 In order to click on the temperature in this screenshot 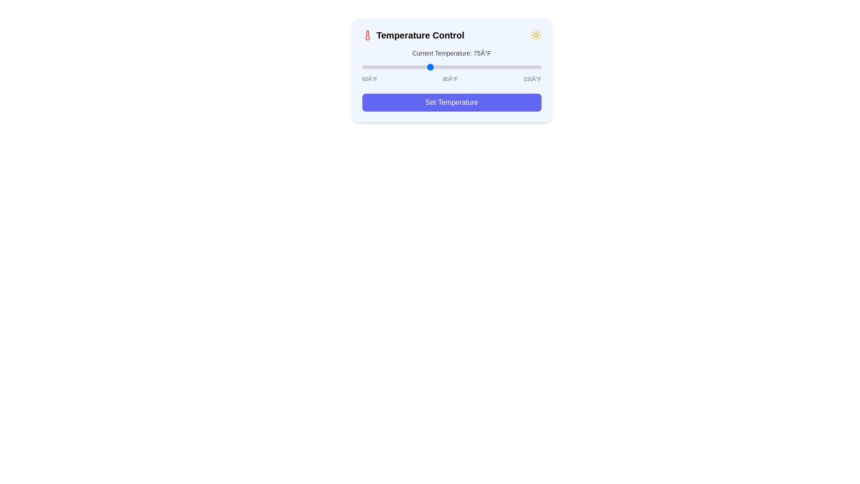, I will do `click(478, 67)`.